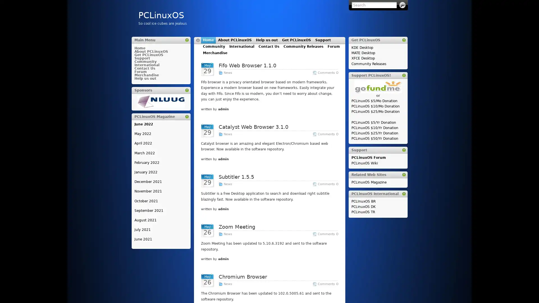 Image resolution: width=539 pixels, height=303 pixels. What do you see at coordinates (402, 5) in the screenshot?
I see `Go` at bounding box center [402, 5].